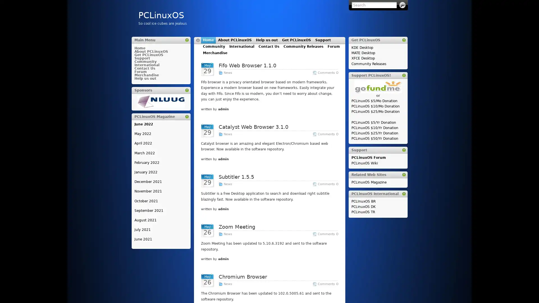 Image resolution: width=539 pixels, height=303 pixels. What do you see at coordinates (402, 5) in the screenshot?
I see `Go` at bounding box center [402, 5].